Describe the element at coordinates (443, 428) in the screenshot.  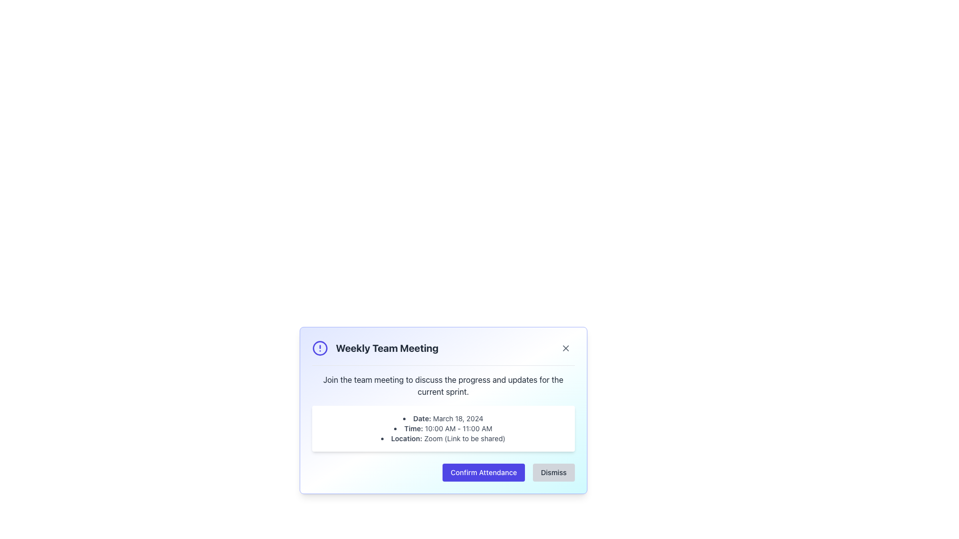
I see `information displayed in the Text block that provides details about the meeting's date, time, and location, which is positioned below the introductory paragraph and above the action buttons` at that location.